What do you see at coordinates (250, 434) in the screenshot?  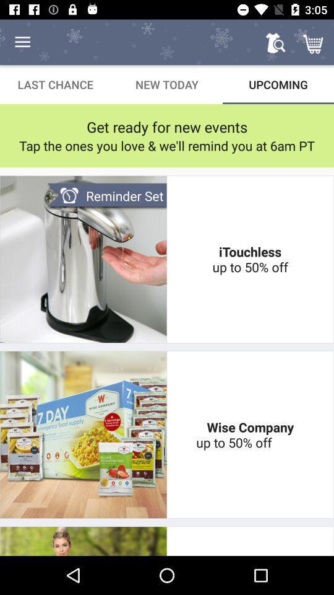 I see `the wise company up item` at bounding box center [250, 434].